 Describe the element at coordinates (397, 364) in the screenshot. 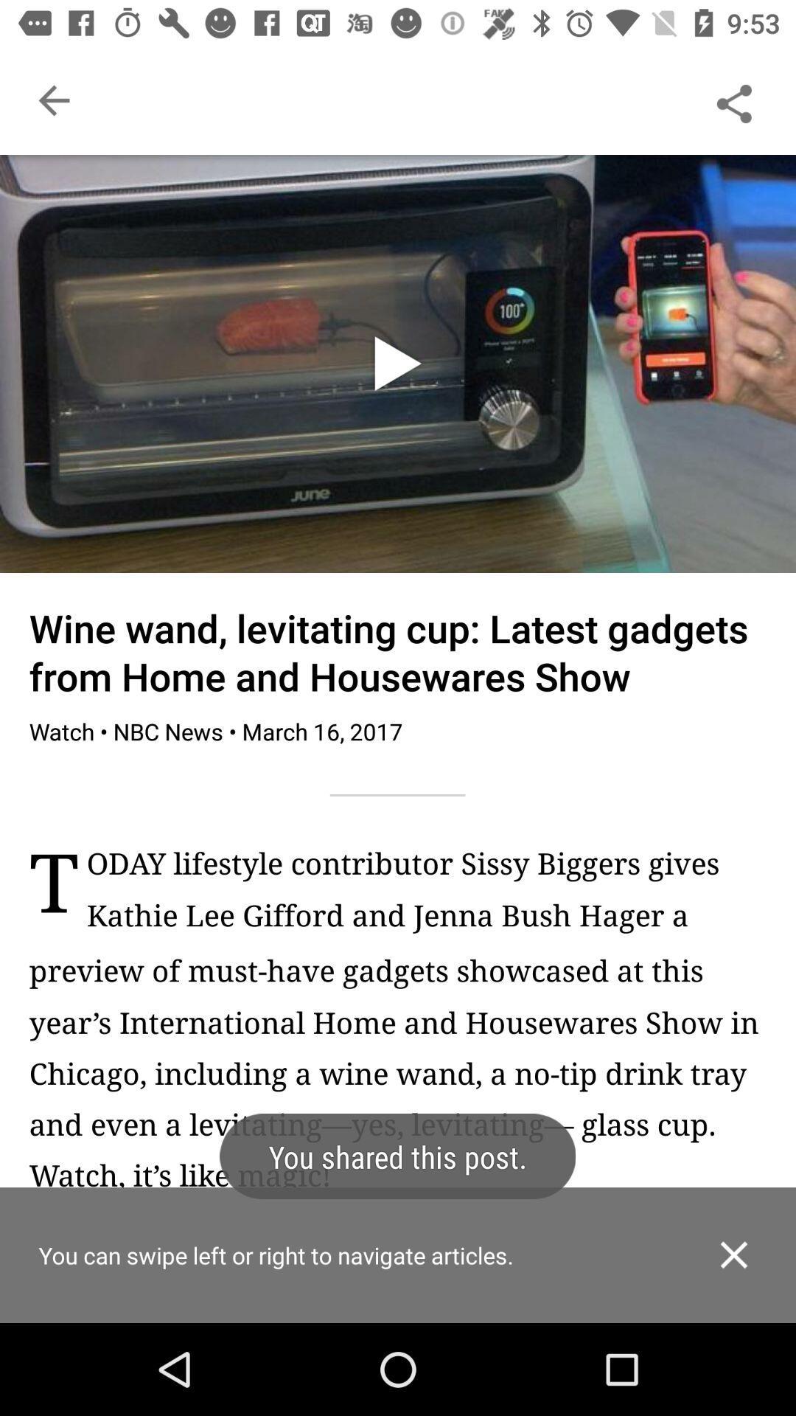

I see `take the play icon from the image` at that location.